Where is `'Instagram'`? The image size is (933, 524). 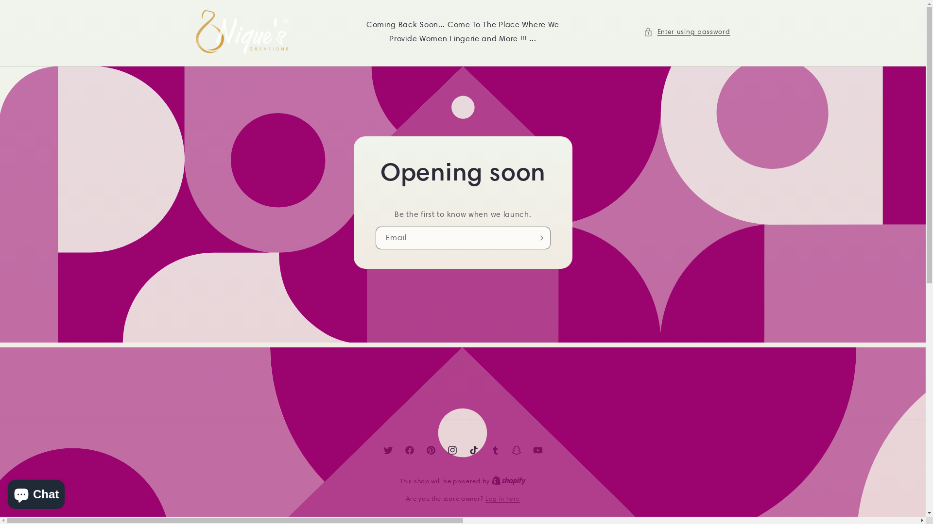
'Instagram' is located at coordinates (440, 450).